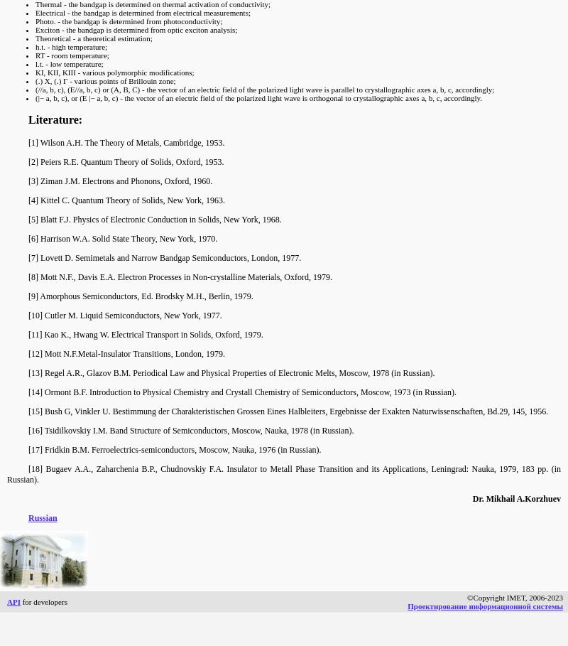 This screenshot has height=646, width=568. I want to click on '[2] Peiers R.E. Quantum Theory of Solids, Oxford, 1953.', so click(125, 161).